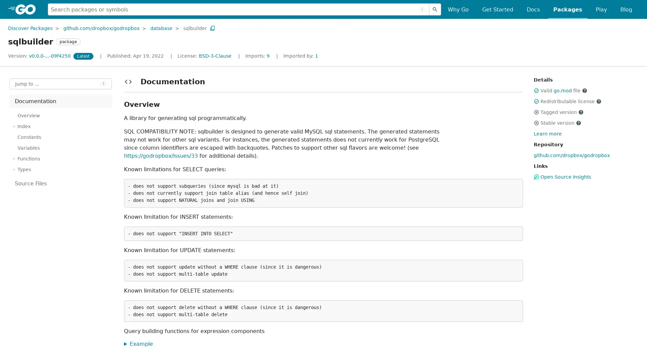 This screenshot has width=647, height=364. Describe the element at coordinates (61, 84) in the screenshot. I see `Open Jump to Identifier` at that location.